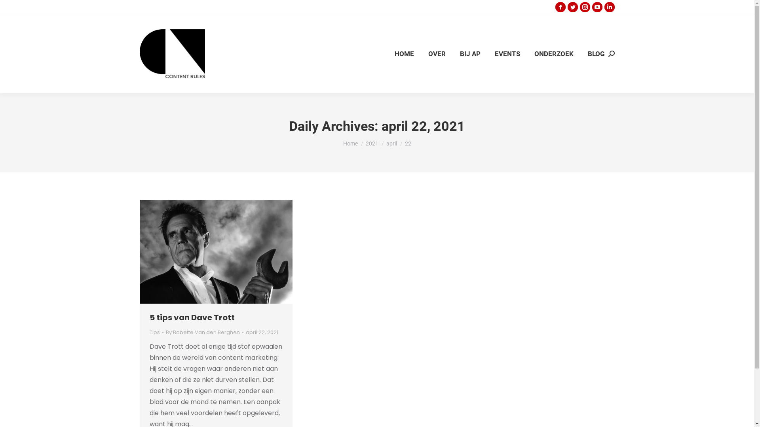  I want to click on 'BIJ AP', so click(470, 53).